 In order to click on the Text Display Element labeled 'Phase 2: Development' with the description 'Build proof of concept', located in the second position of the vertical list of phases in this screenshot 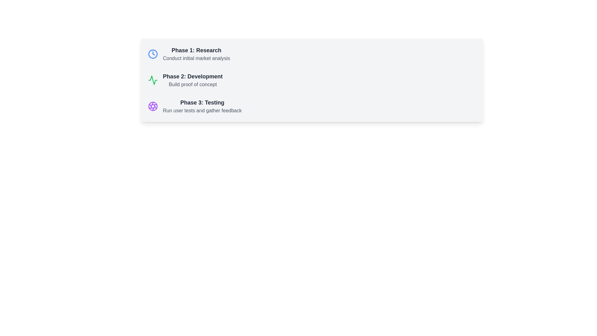, I will do `click(192, 80)`.